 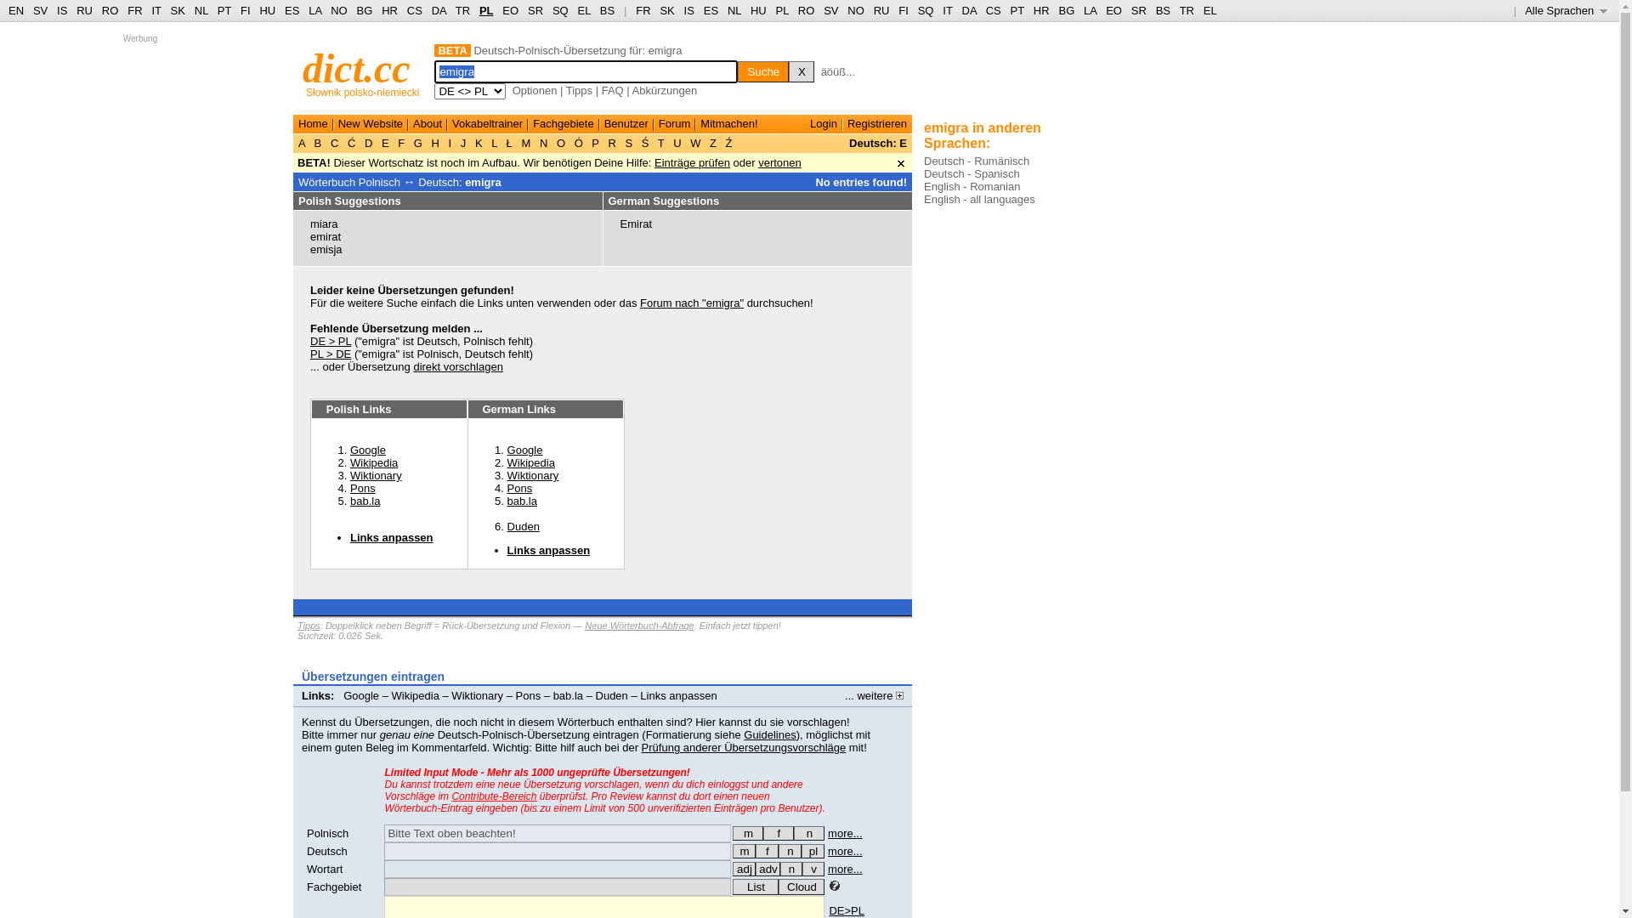 What do you see at coordinates (696, 142) in the screenshot?
I see `'W'` at bounding box center [696, 142].